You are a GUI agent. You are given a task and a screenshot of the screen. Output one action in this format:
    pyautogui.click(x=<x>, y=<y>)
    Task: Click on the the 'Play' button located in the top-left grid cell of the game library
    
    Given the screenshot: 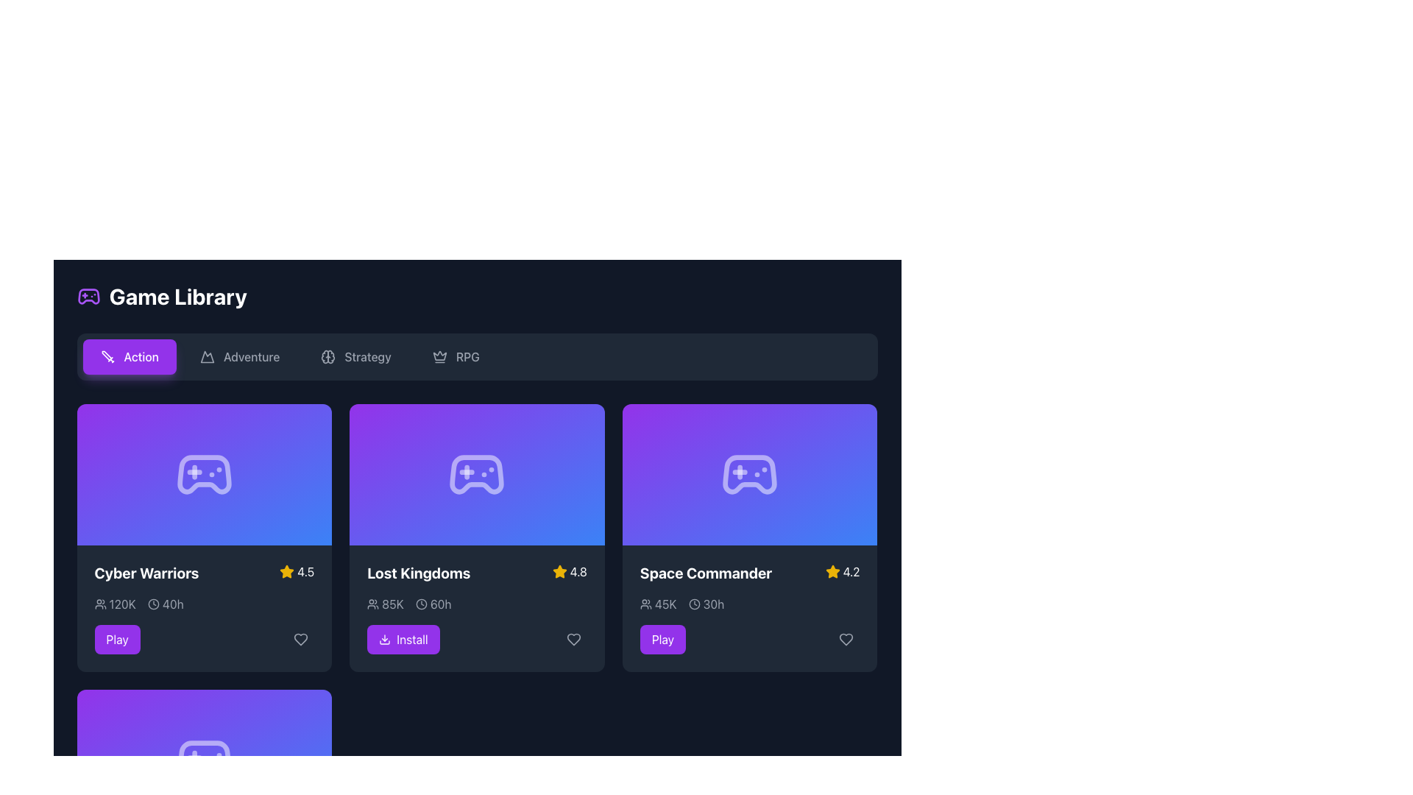 What is the action you would take?
    pyautogui.click(x=203, y=638)
    